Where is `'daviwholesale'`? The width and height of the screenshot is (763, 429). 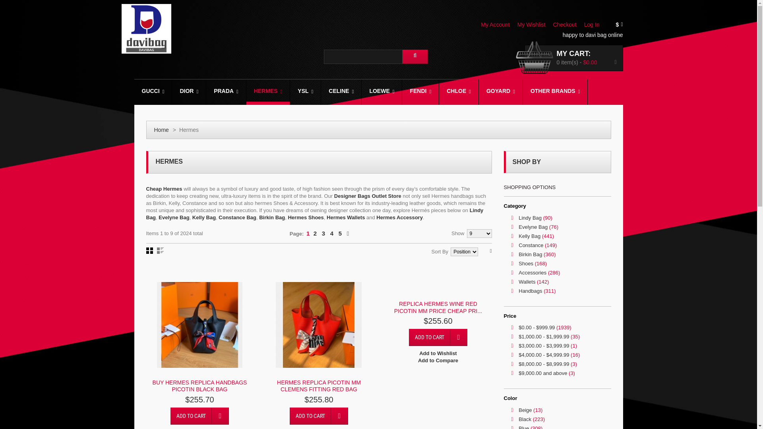 'daviwholesale' is located at coordinates (146, 28).